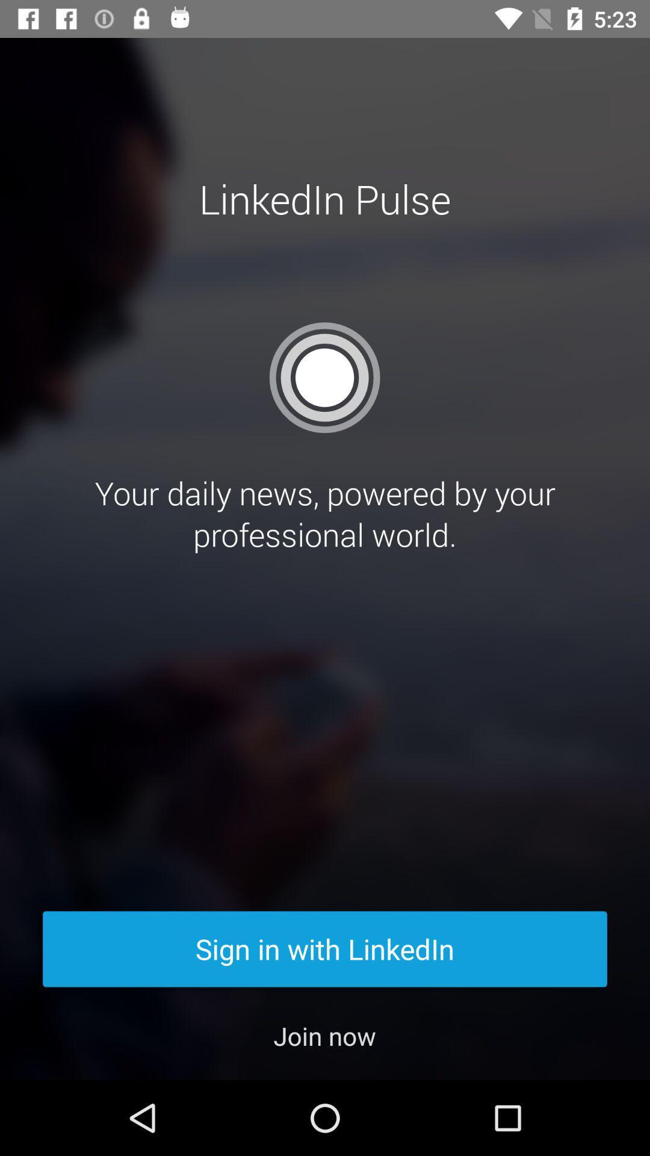 Image resolution: width=650 pixels, height=1156 pixels. I want to click on the join now icon, so click(324, 1035).